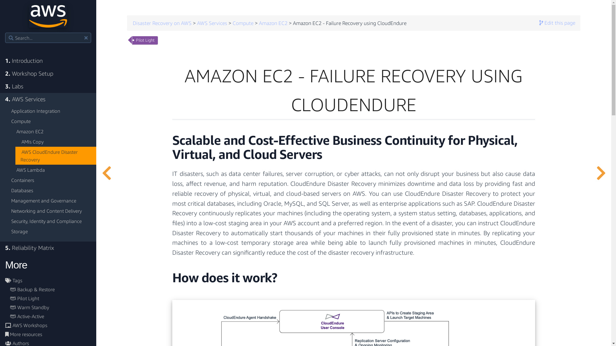 Image resolution: width=616 pixels, height=346 pixels. Describe the element at coordinates (47, 316) in the screenshot. I see `'Active-Active'` at that location.